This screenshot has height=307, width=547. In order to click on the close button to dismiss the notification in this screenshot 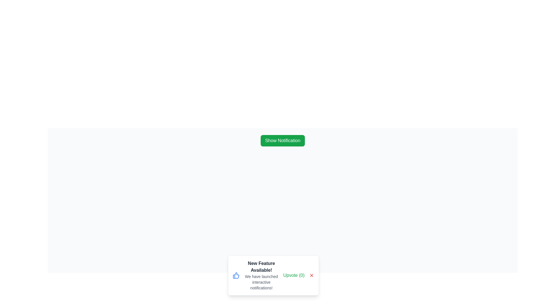, I will do `click(311, 275)`.